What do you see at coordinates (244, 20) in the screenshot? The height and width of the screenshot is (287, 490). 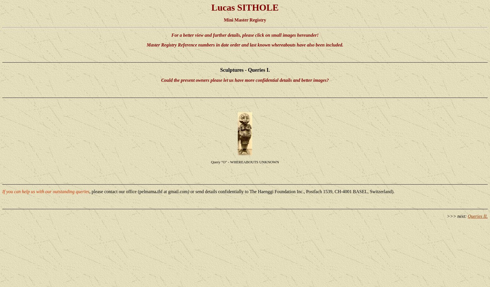 I see `'Mini Master Registry'` at bounding box center [244, 20].